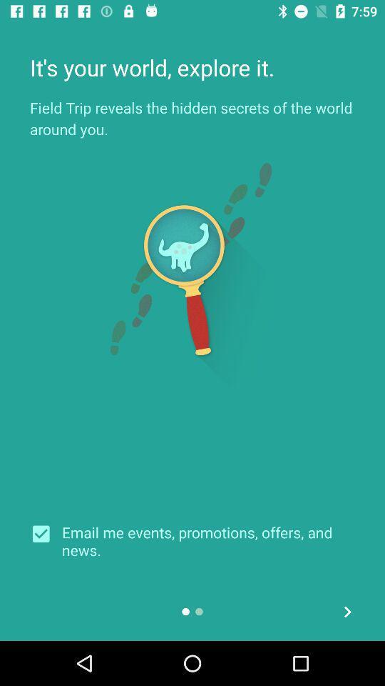  Describe the element at coordinates (46, 533) in the screenshot. I see `sign up for email alerts` at that location.